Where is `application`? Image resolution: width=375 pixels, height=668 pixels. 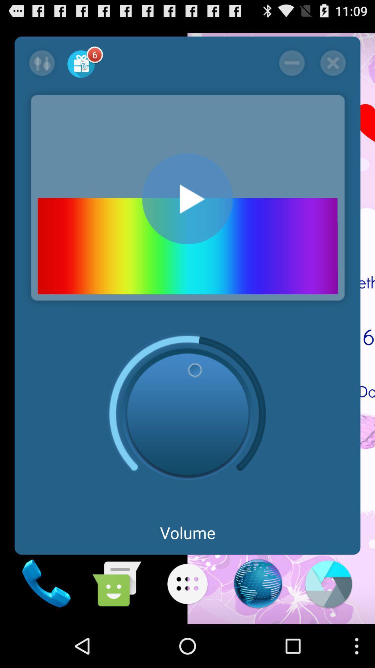
application is located at coordinates (333, 63).